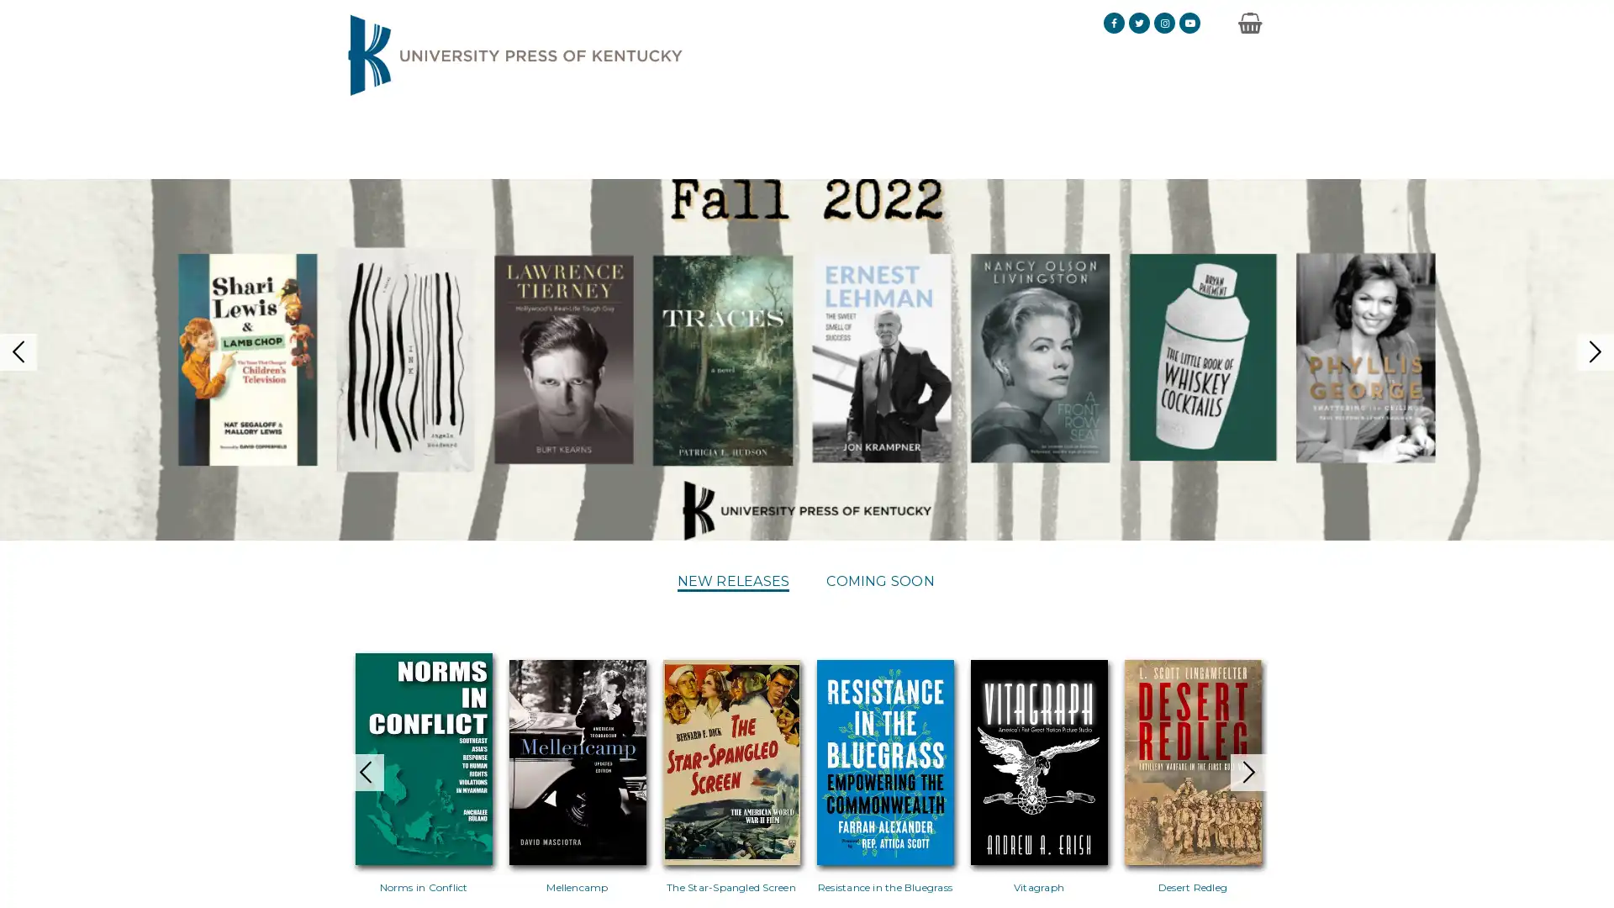 This screenshot has height=908, width=1614. I want to click on SEARCH, so click(1218, 133).